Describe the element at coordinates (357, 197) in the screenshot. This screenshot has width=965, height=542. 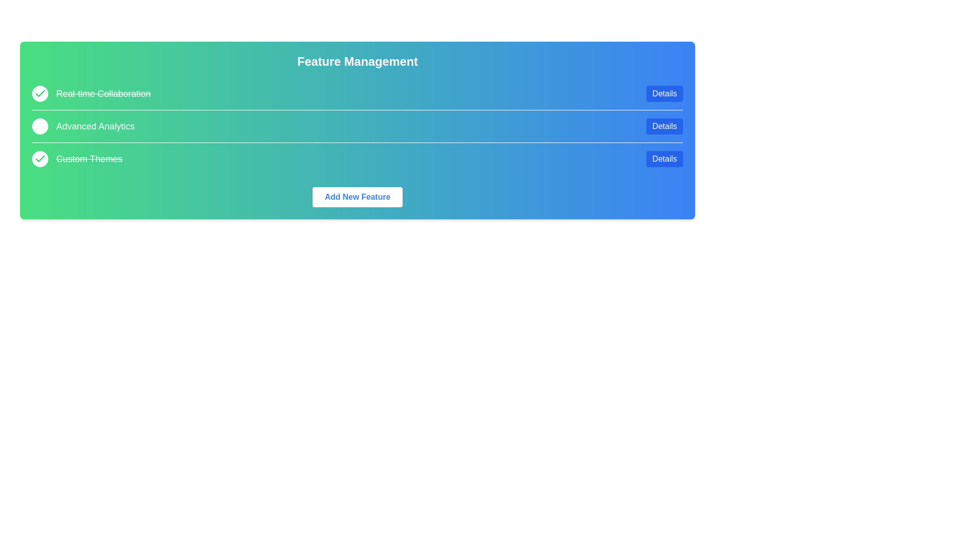
I see `the 'Add New Feature' button to initiate the feature addition process` at that location.